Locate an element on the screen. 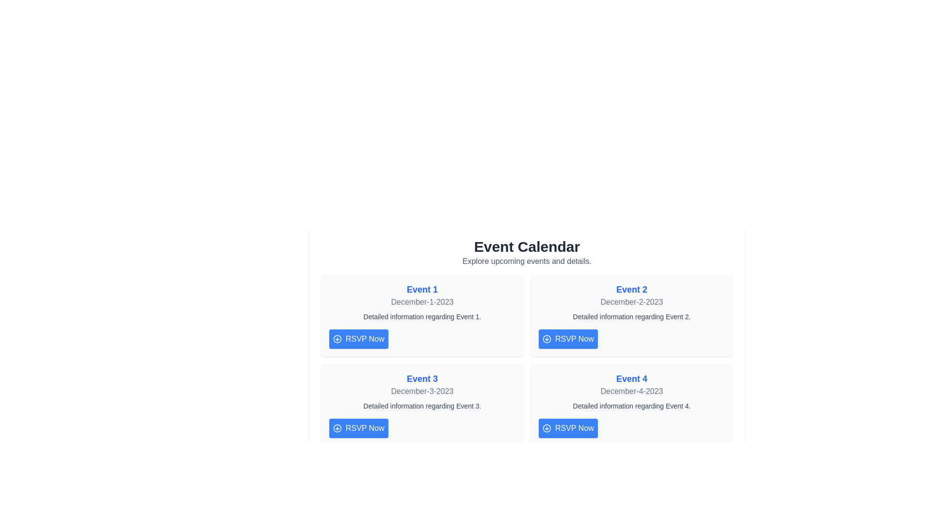 This screenshot has width=931, height=524. the title text label of the event card, which is positioned at the top of the card and identifies the event is located at coordinates (631, 378).